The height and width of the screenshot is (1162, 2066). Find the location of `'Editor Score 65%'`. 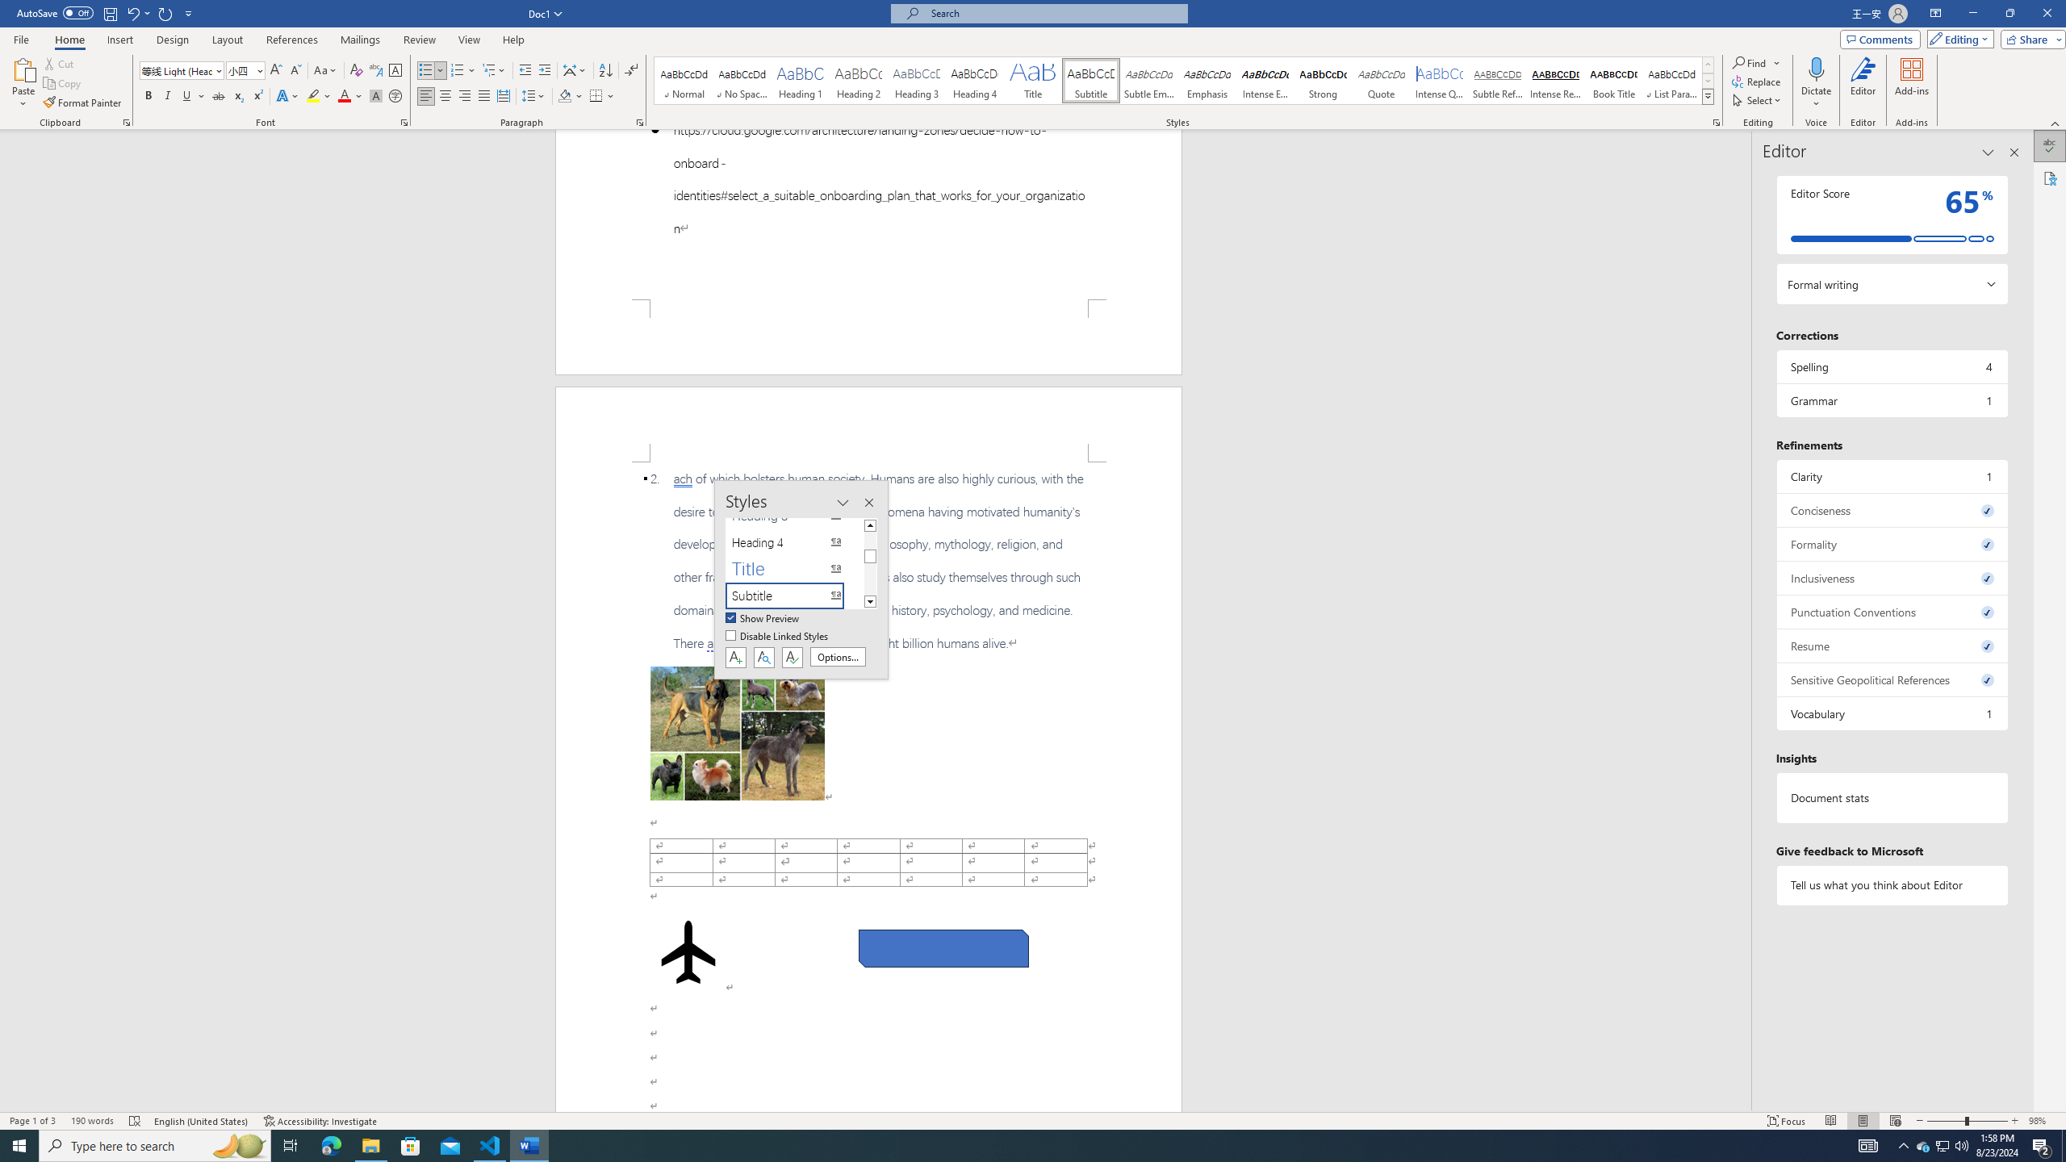

'Editor Score 65%' is located at coordinates (1891, 214).